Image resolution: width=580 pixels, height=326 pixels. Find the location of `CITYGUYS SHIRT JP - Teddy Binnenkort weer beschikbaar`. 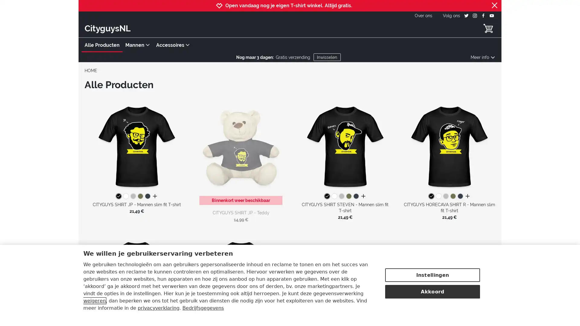

CITYGUYS SHIRT JP - Teddy Binnenkort weer beschikbaar is located at coordinates (240, 152).